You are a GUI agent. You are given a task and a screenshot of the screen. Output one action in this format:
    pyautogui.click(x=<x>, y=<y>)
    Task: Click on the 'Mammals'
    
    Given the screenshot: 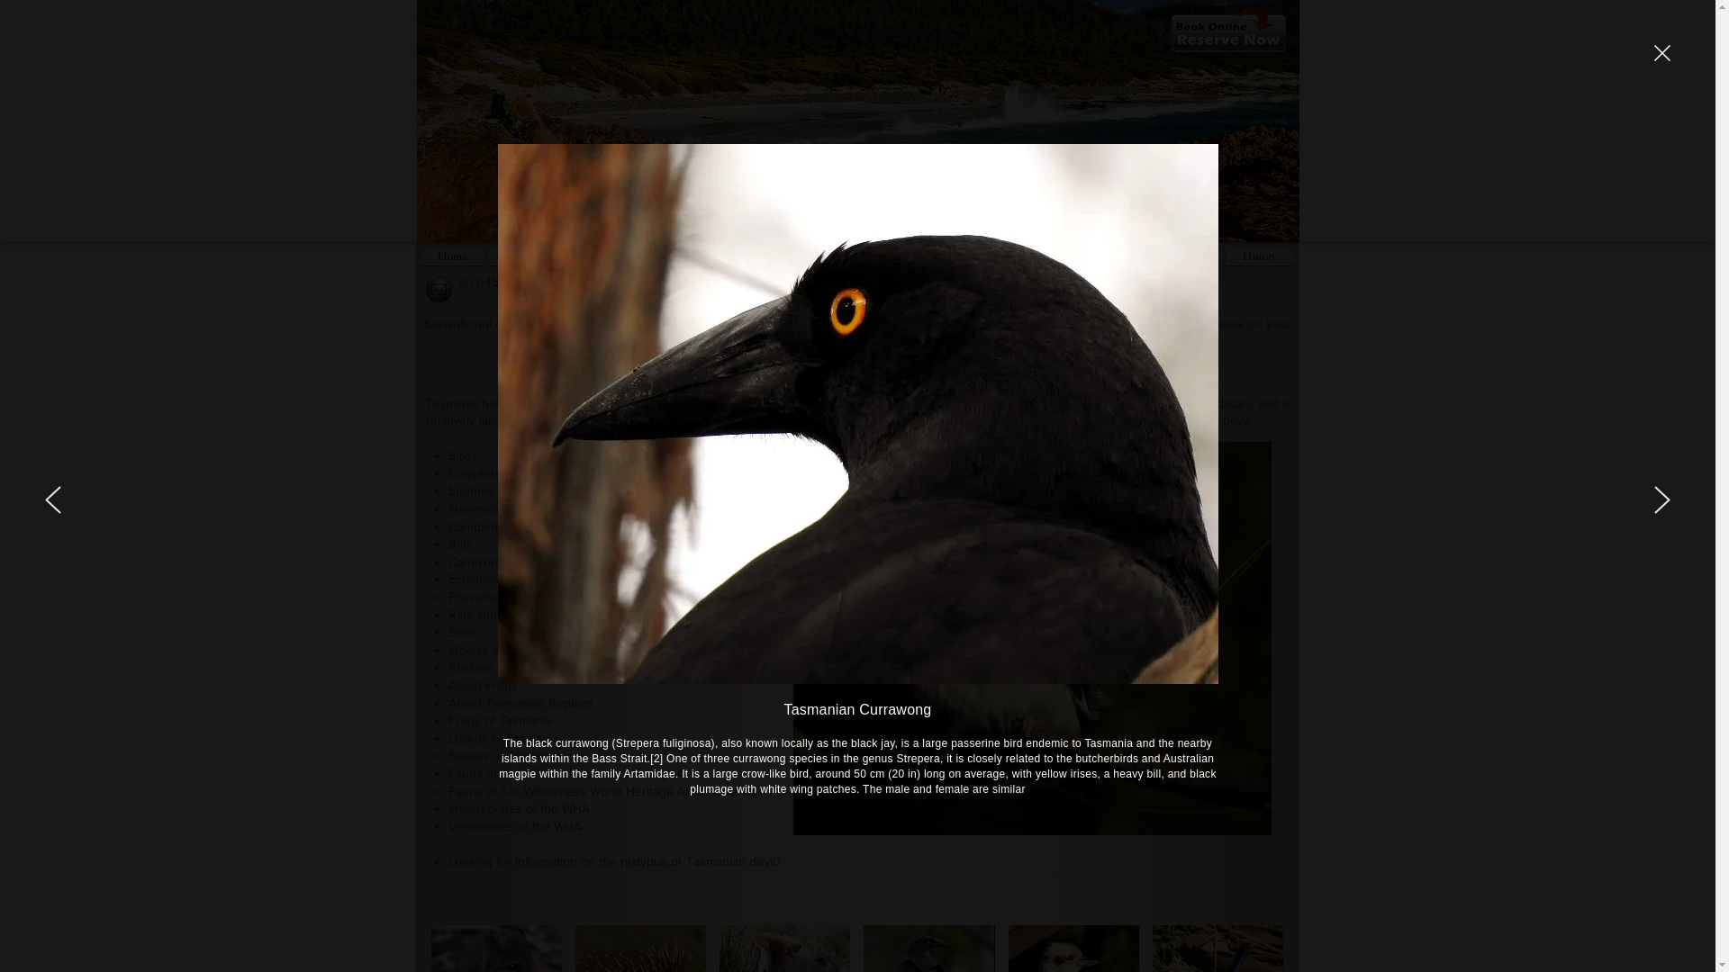 What is the action you would take?
    pyautogui.click(x=448, y=508)
    